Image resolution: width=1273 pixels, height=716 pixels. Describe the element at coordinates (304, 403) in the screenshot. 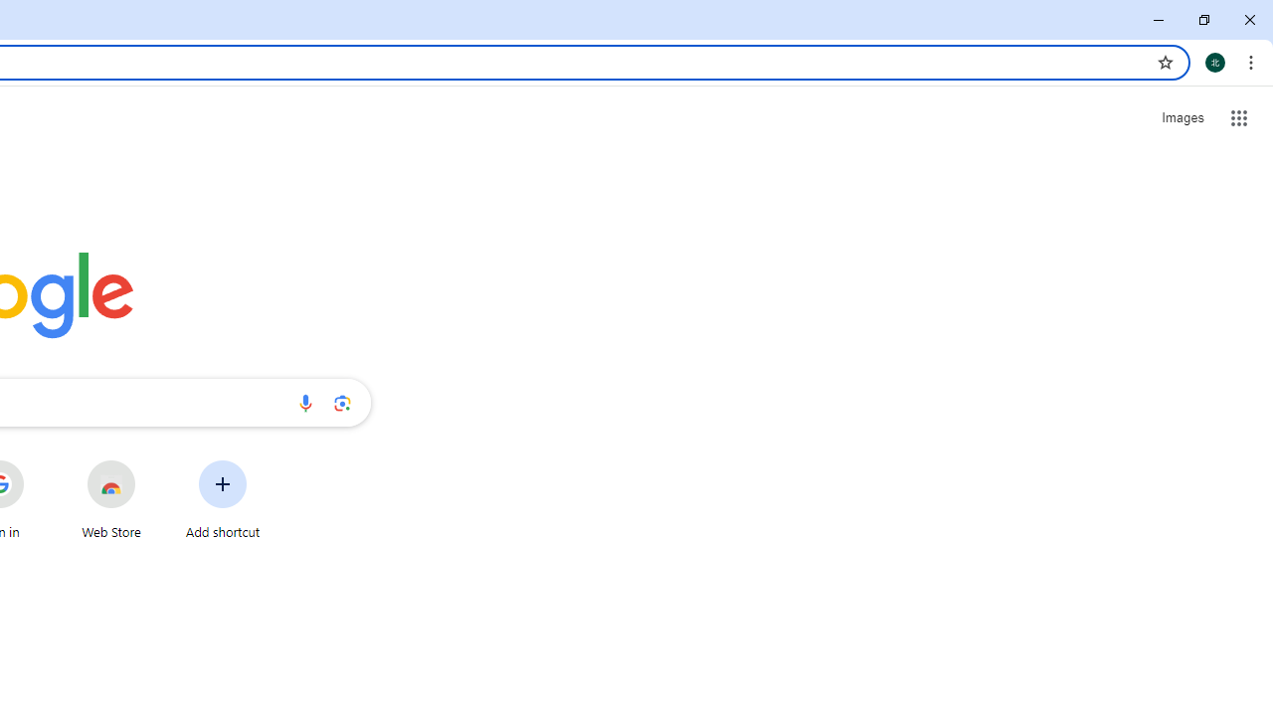

I see `'Search by voice'` at that location.